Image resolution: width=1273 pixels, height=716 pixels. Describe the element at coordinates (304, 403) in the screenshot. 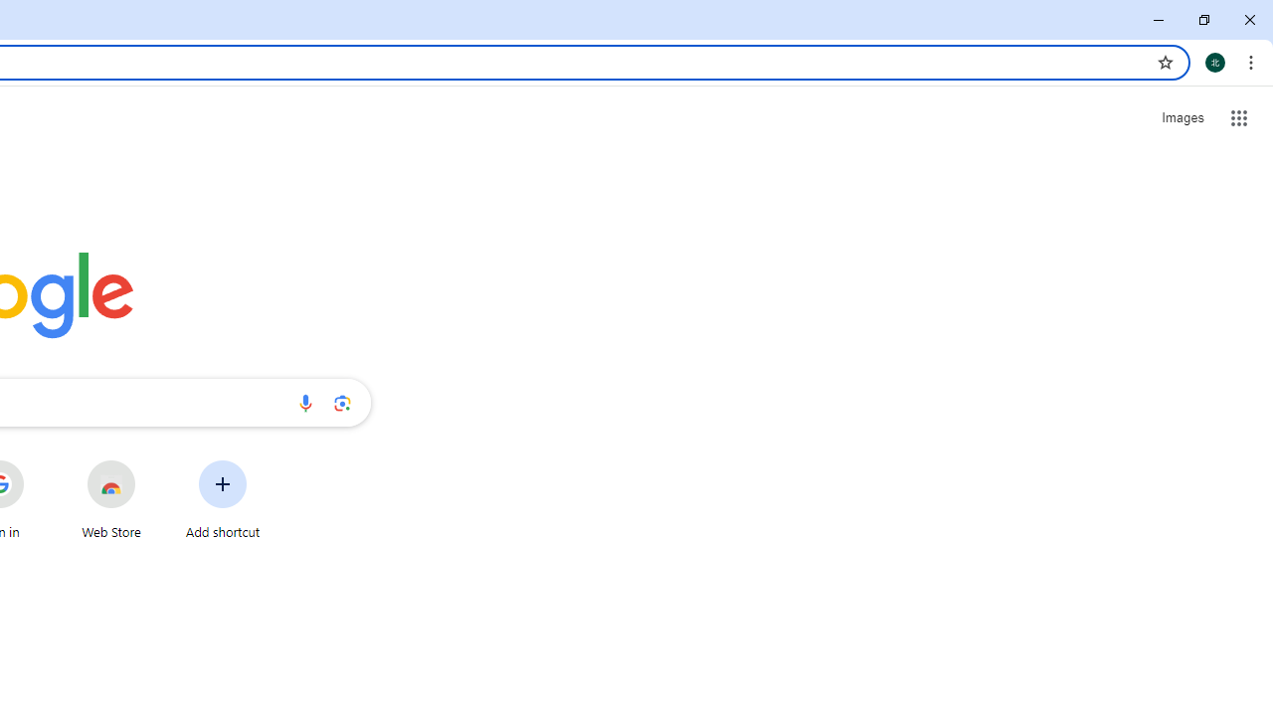

I see `'Search by voice'` at that location.